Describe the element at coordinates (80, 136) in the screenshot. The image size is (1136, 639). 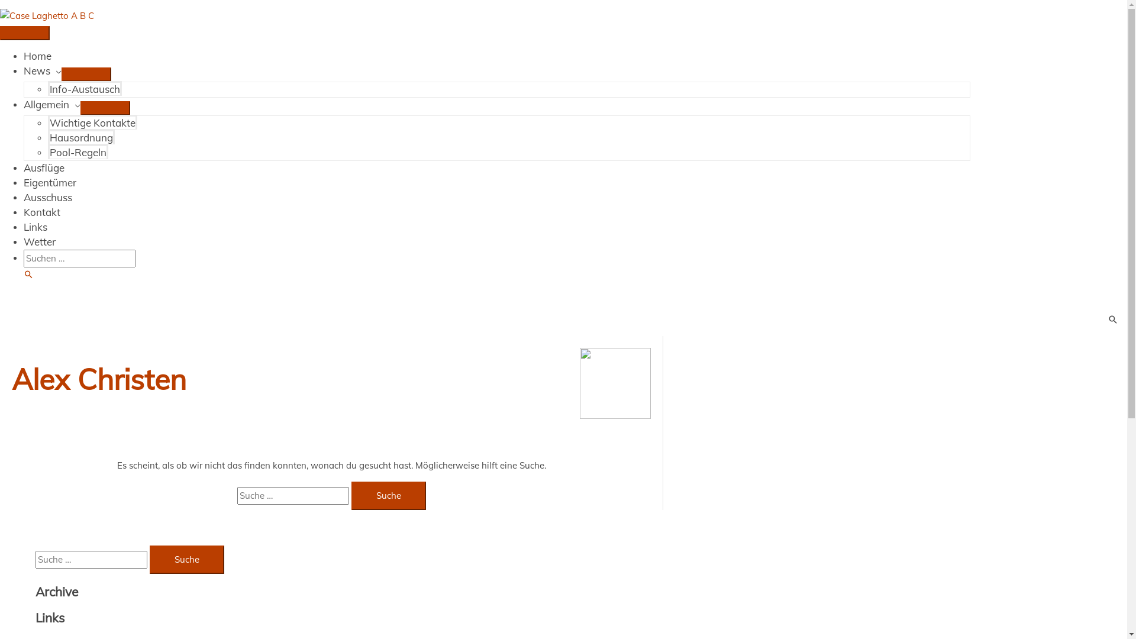
I see `'Hausordnung'` at that location.